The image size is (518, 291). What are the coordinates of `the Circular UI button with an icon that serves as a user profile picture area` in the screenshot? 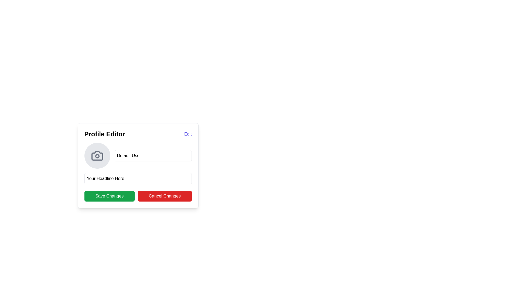 It's located at (97, 156).